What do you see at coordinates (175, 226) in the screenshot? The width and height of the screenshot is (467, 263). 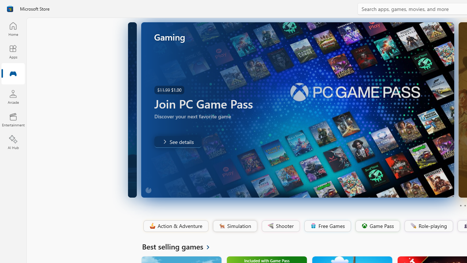 I see `'Action & Adventure'` at bounding box center [175, 226].